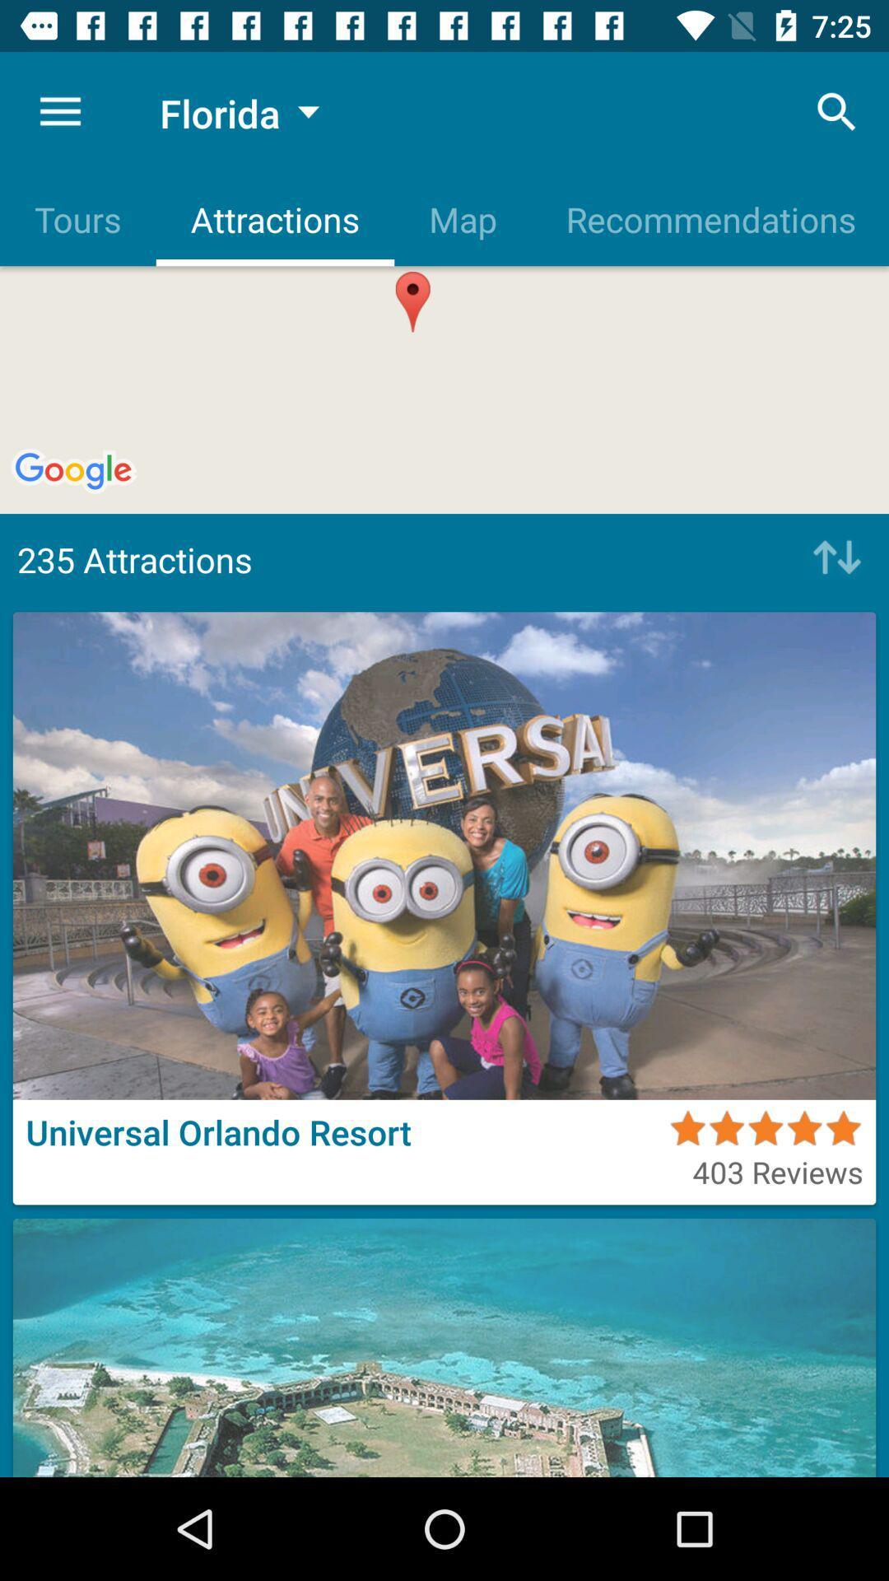  Describe the element at coordinates (709, 218) in the screenshot. I see `the item next to map item` at that location.